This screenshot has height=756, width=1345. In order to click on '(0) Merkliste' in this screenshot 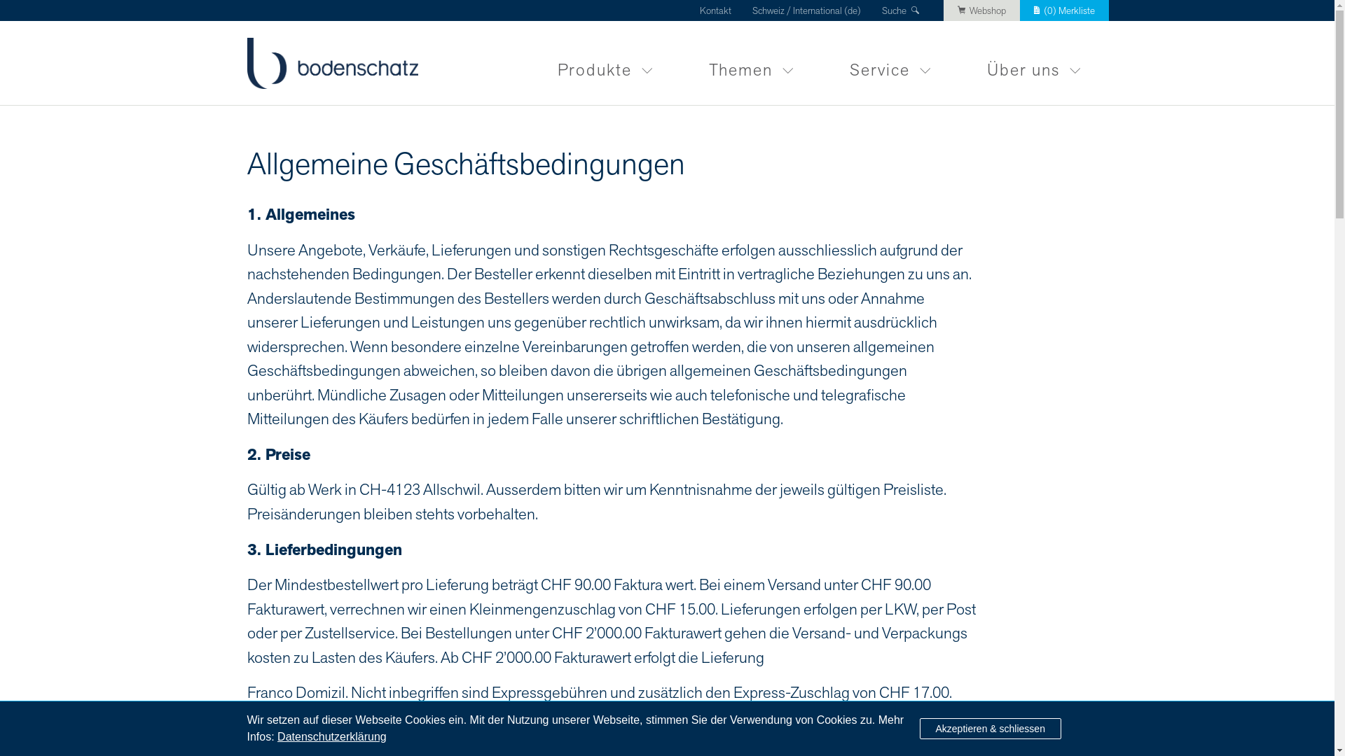, I will do `click(1064, 10)`.